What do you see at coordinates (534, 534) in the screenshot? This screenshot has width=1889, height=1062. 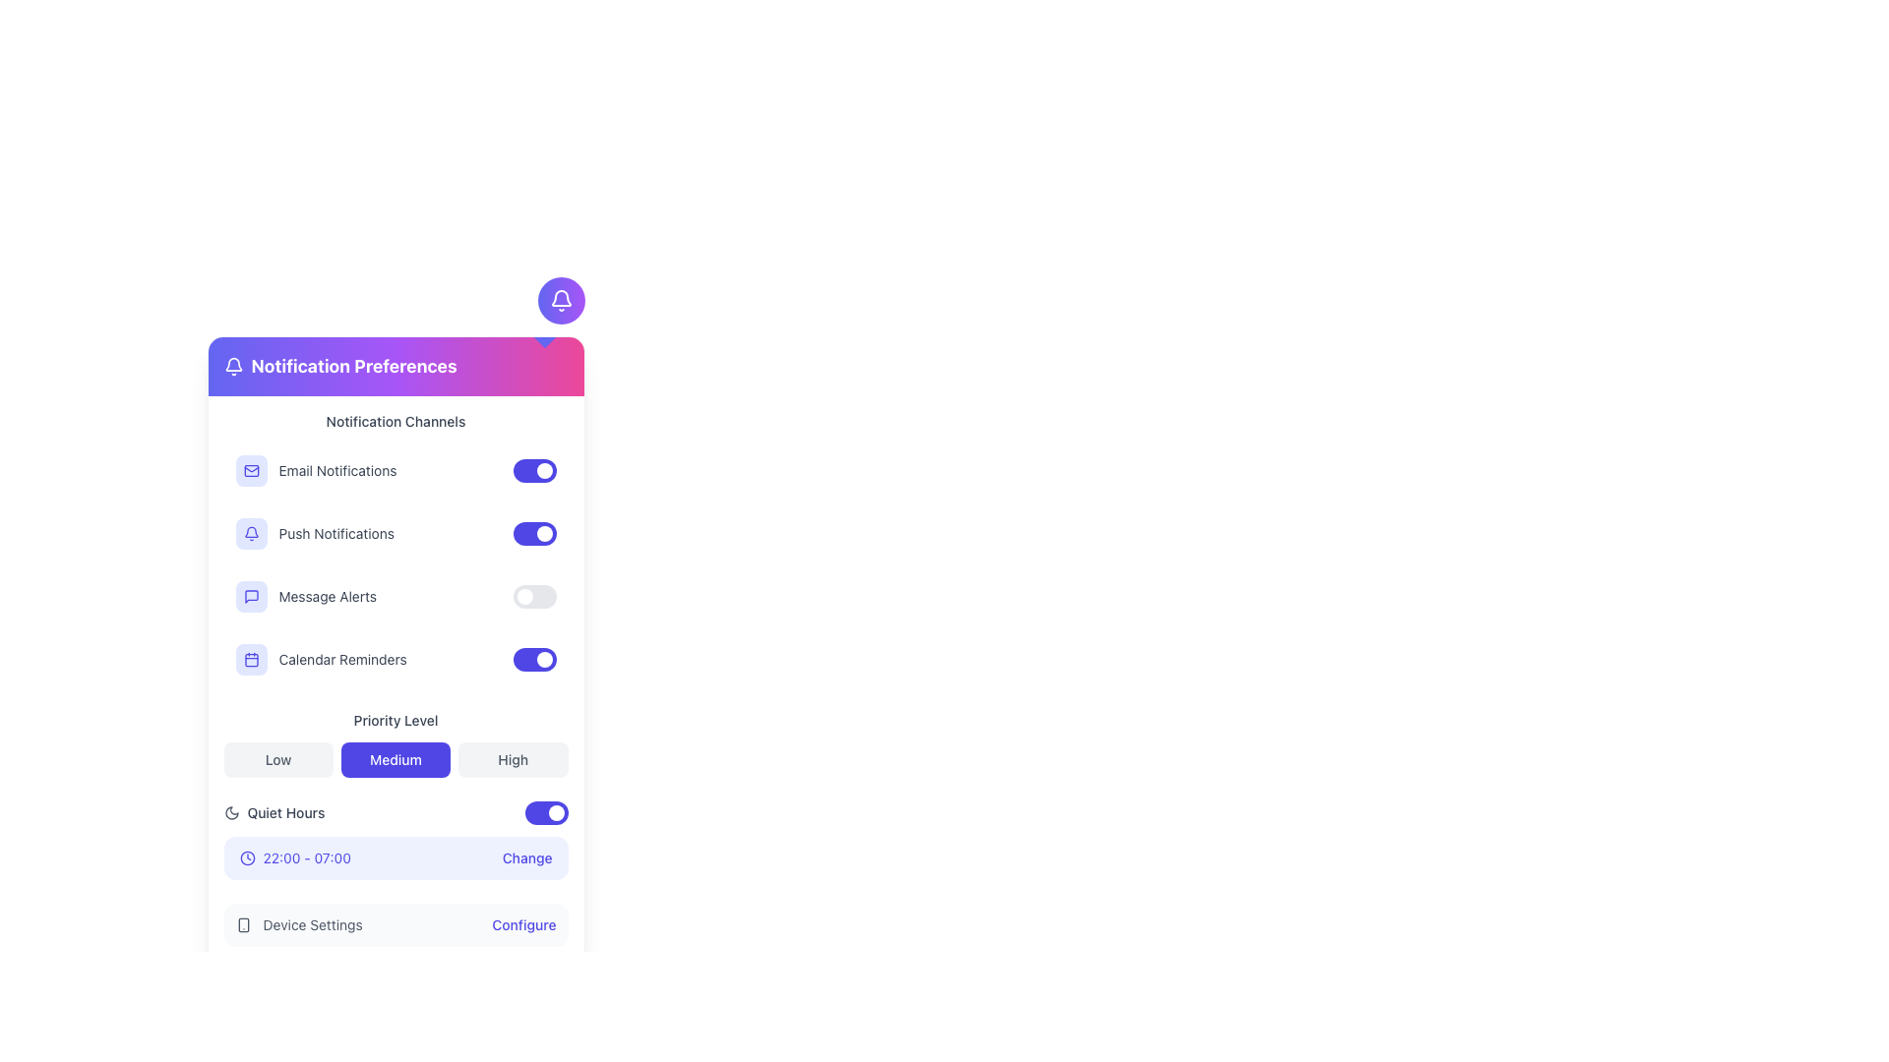 I see `the circular white knob of the toggle switch, which is positioned towards the right side of the 'Push Notifications' row` at bounding box center [534, 534].